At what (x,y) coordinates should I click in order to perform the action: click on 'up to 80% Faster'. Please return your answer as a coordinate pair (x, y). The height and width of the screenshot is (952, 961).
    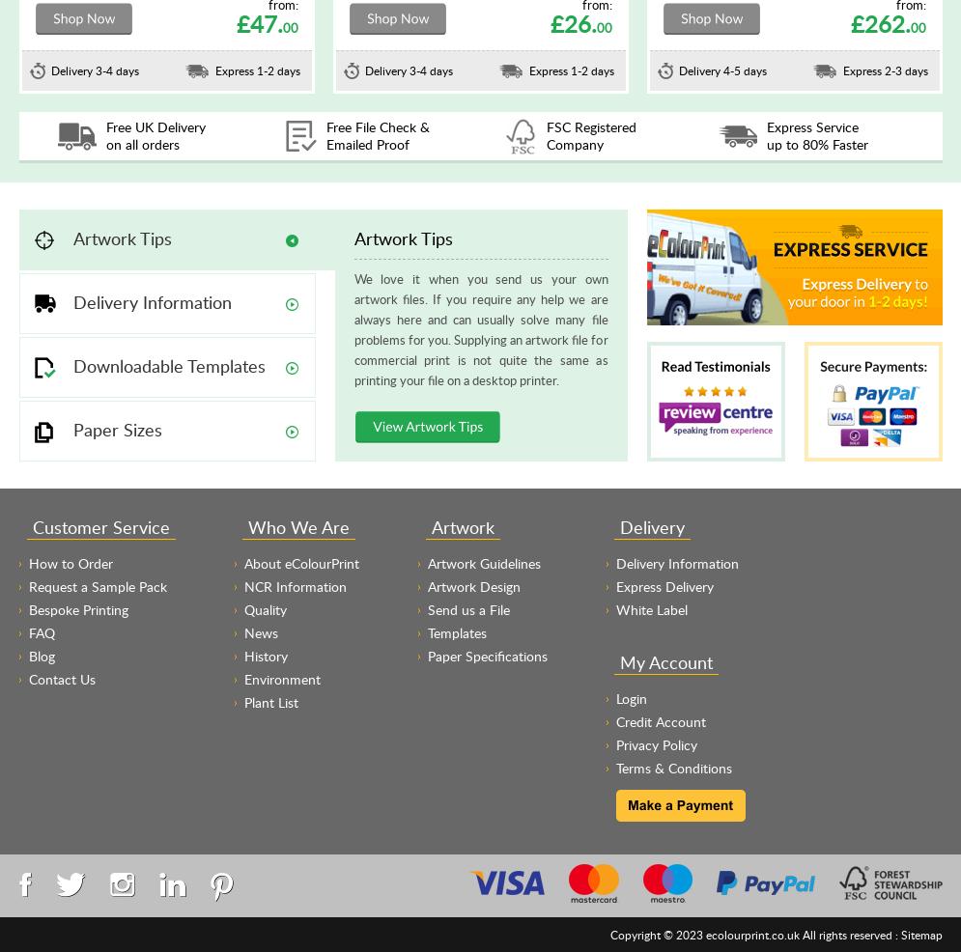
    Looking at the image, I should click on (816, 144).